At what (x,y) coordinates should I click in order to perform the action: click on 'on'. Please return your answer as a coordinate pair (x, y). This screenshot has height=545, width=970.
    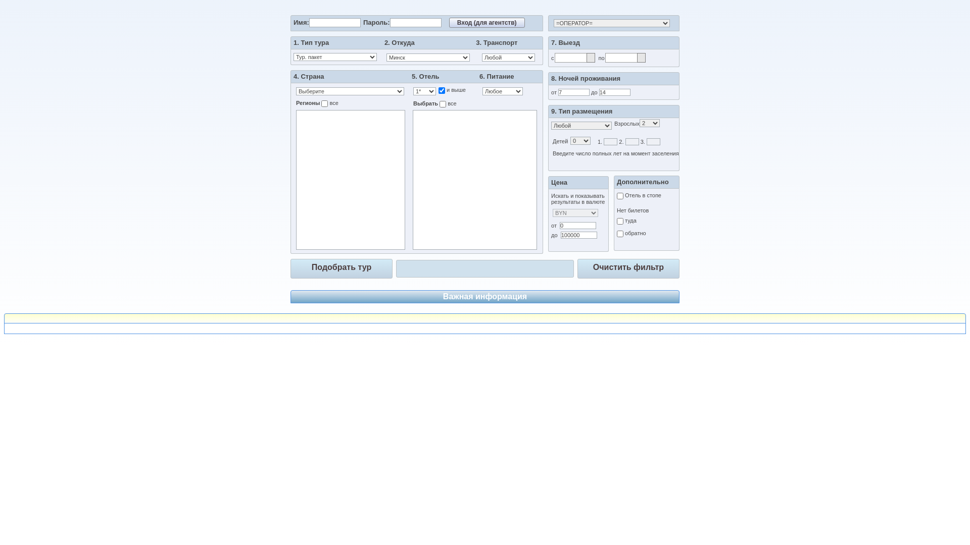
    Looking at the image, I should click on (442, 90).